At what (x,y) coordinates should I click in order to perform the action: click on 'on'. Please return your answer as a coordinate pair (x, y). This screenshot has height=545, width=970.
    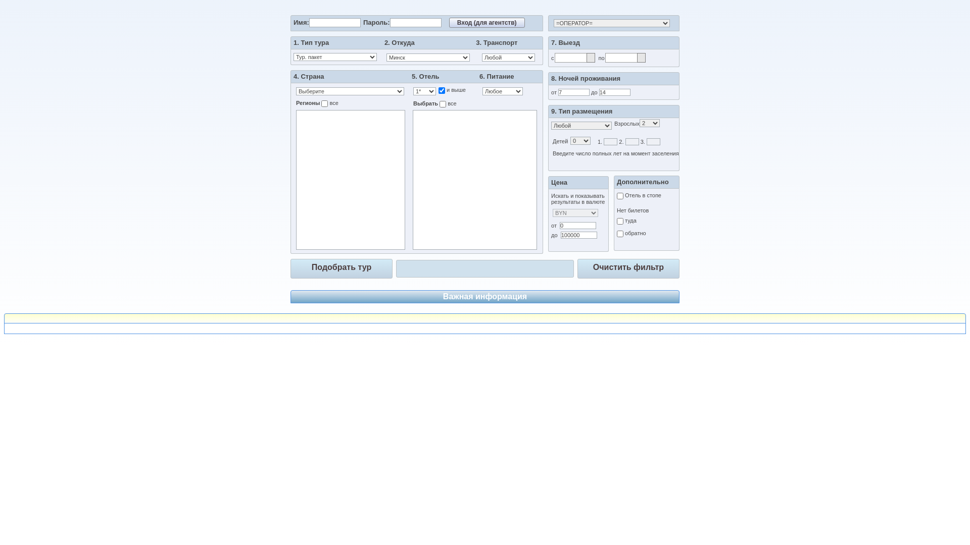
    Looking at the image, I should click on (442, 90).